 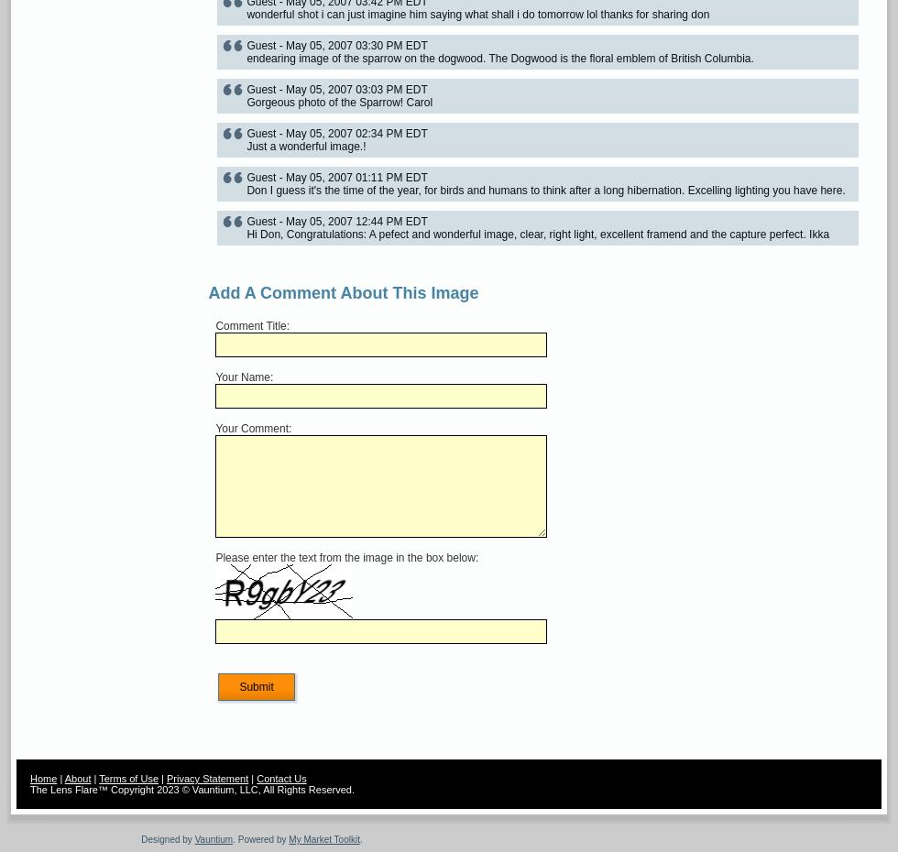 What do you see at coordinates (167, 839) in the screenshot?
I see `'Designed by'` at bounding box center [167, 839].